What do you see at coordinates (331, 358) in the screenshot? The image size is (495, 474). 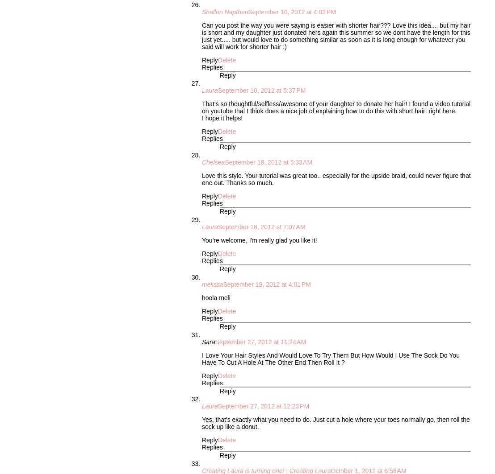 I see `'I Love Your Hair Styles And Would Love To Try Them But How Would I Use The Sock Do You Have To Cut A Hole At The Other End Then Roll It ?'` at bounding box center [331, 358].